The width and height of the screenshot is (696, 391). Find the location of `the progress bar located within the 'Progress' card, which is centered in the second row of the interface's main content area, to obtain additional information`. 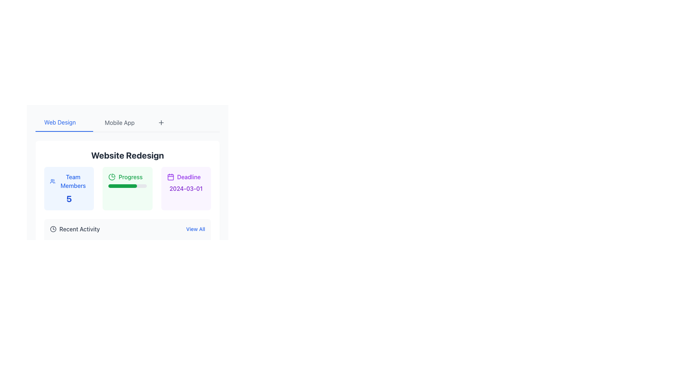

the progress bar located within the 'Progress' card, which is centered in the second row of the interface's main content area, to obtain additional information is located at coordinates (127, 185).